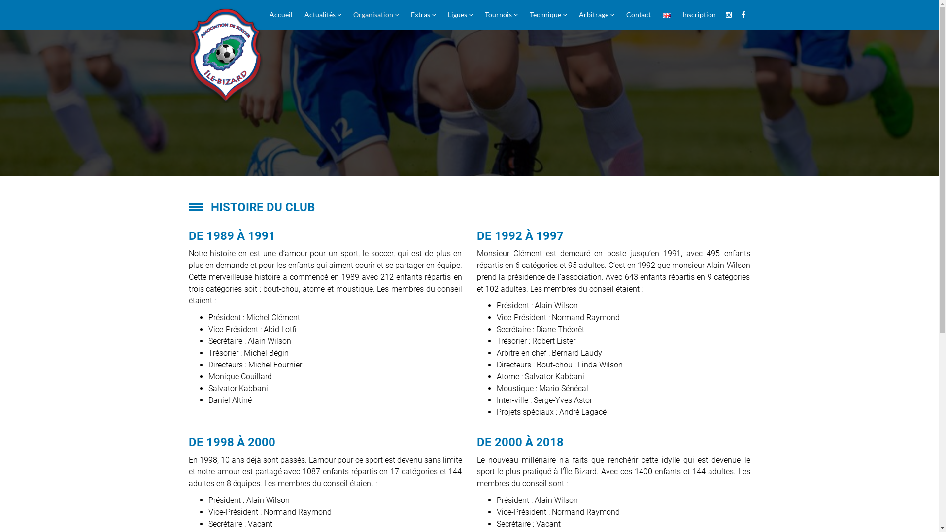 This screenshot has height=532, width=946. I want to click on 'Contact', so click(620, 15).